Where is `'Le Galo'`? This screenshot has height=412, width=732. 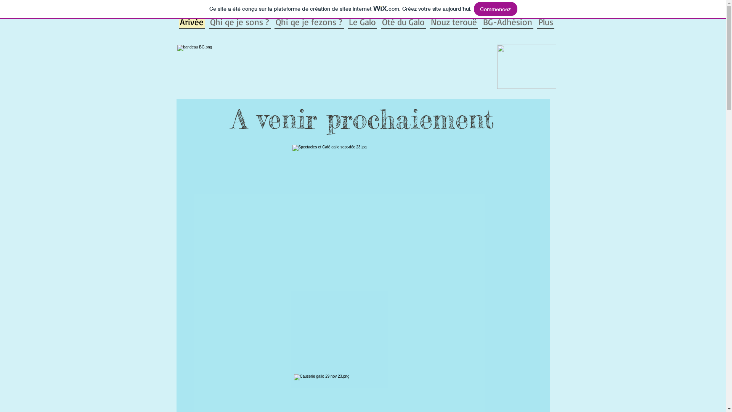 'Le Galo' is located at coordinates (361, 20).